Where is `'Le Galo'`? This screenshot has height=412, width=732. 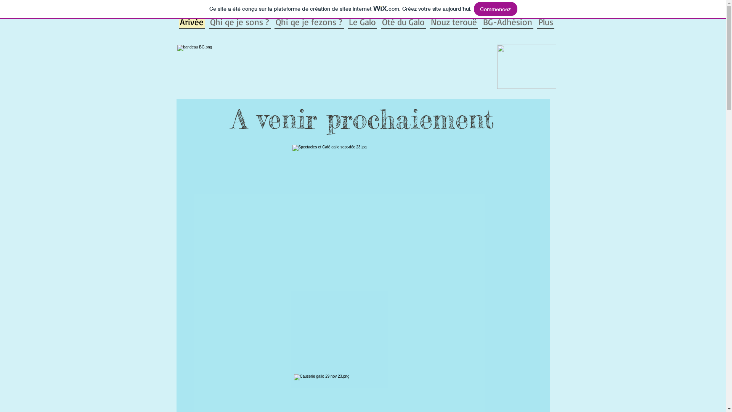 'Le Galo' is located at coordinates (361, 20).